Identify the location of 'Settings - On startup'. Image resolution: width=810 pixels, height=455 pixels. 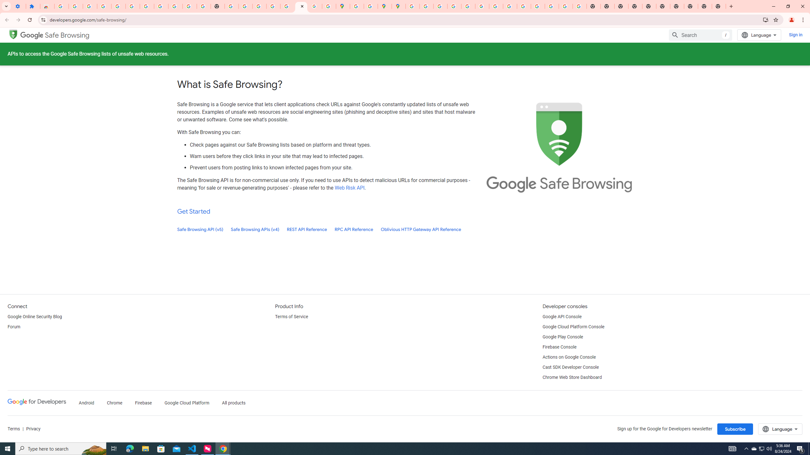
(19, 6).